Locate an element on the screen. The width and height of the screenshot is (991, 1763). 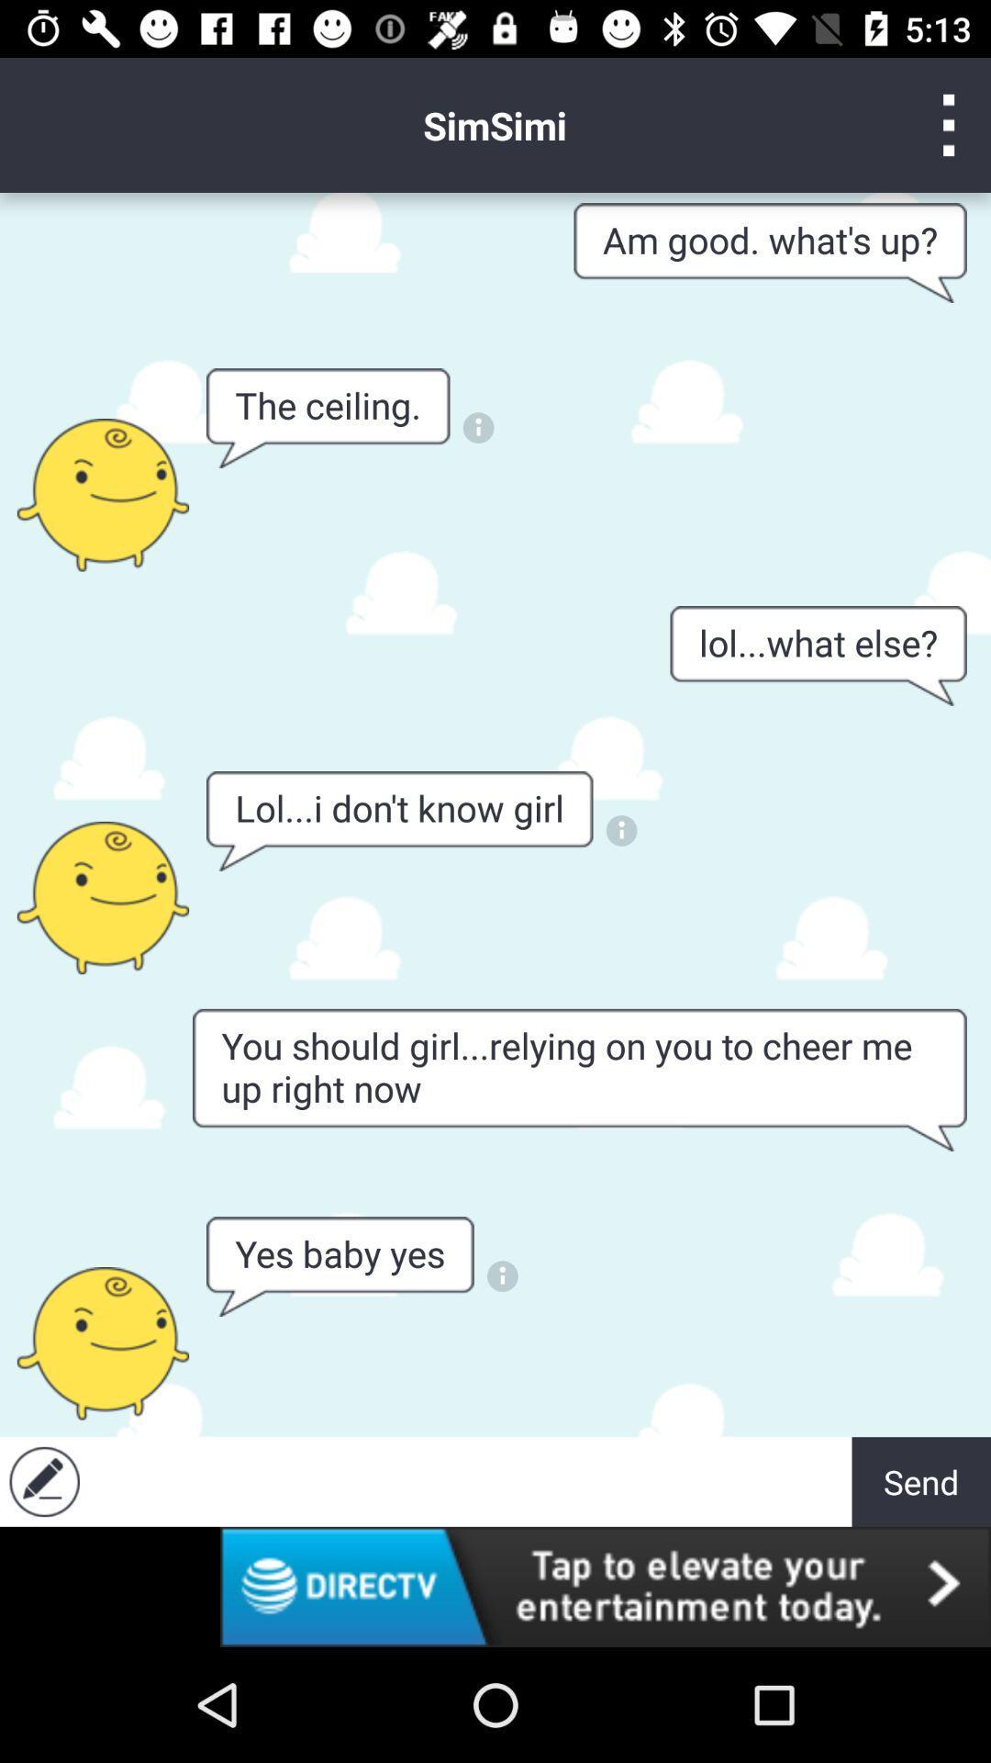
information is located at coordinates (502, 1275).